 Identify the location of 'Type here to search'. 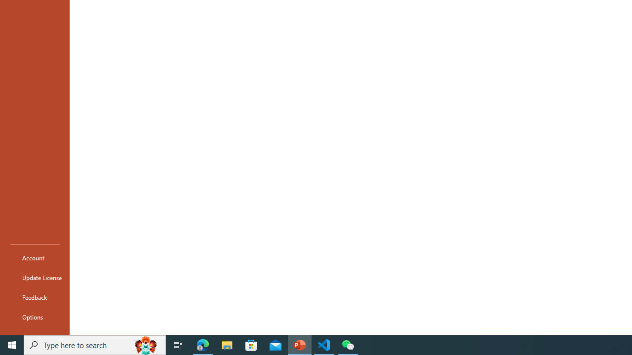
(95, 344).